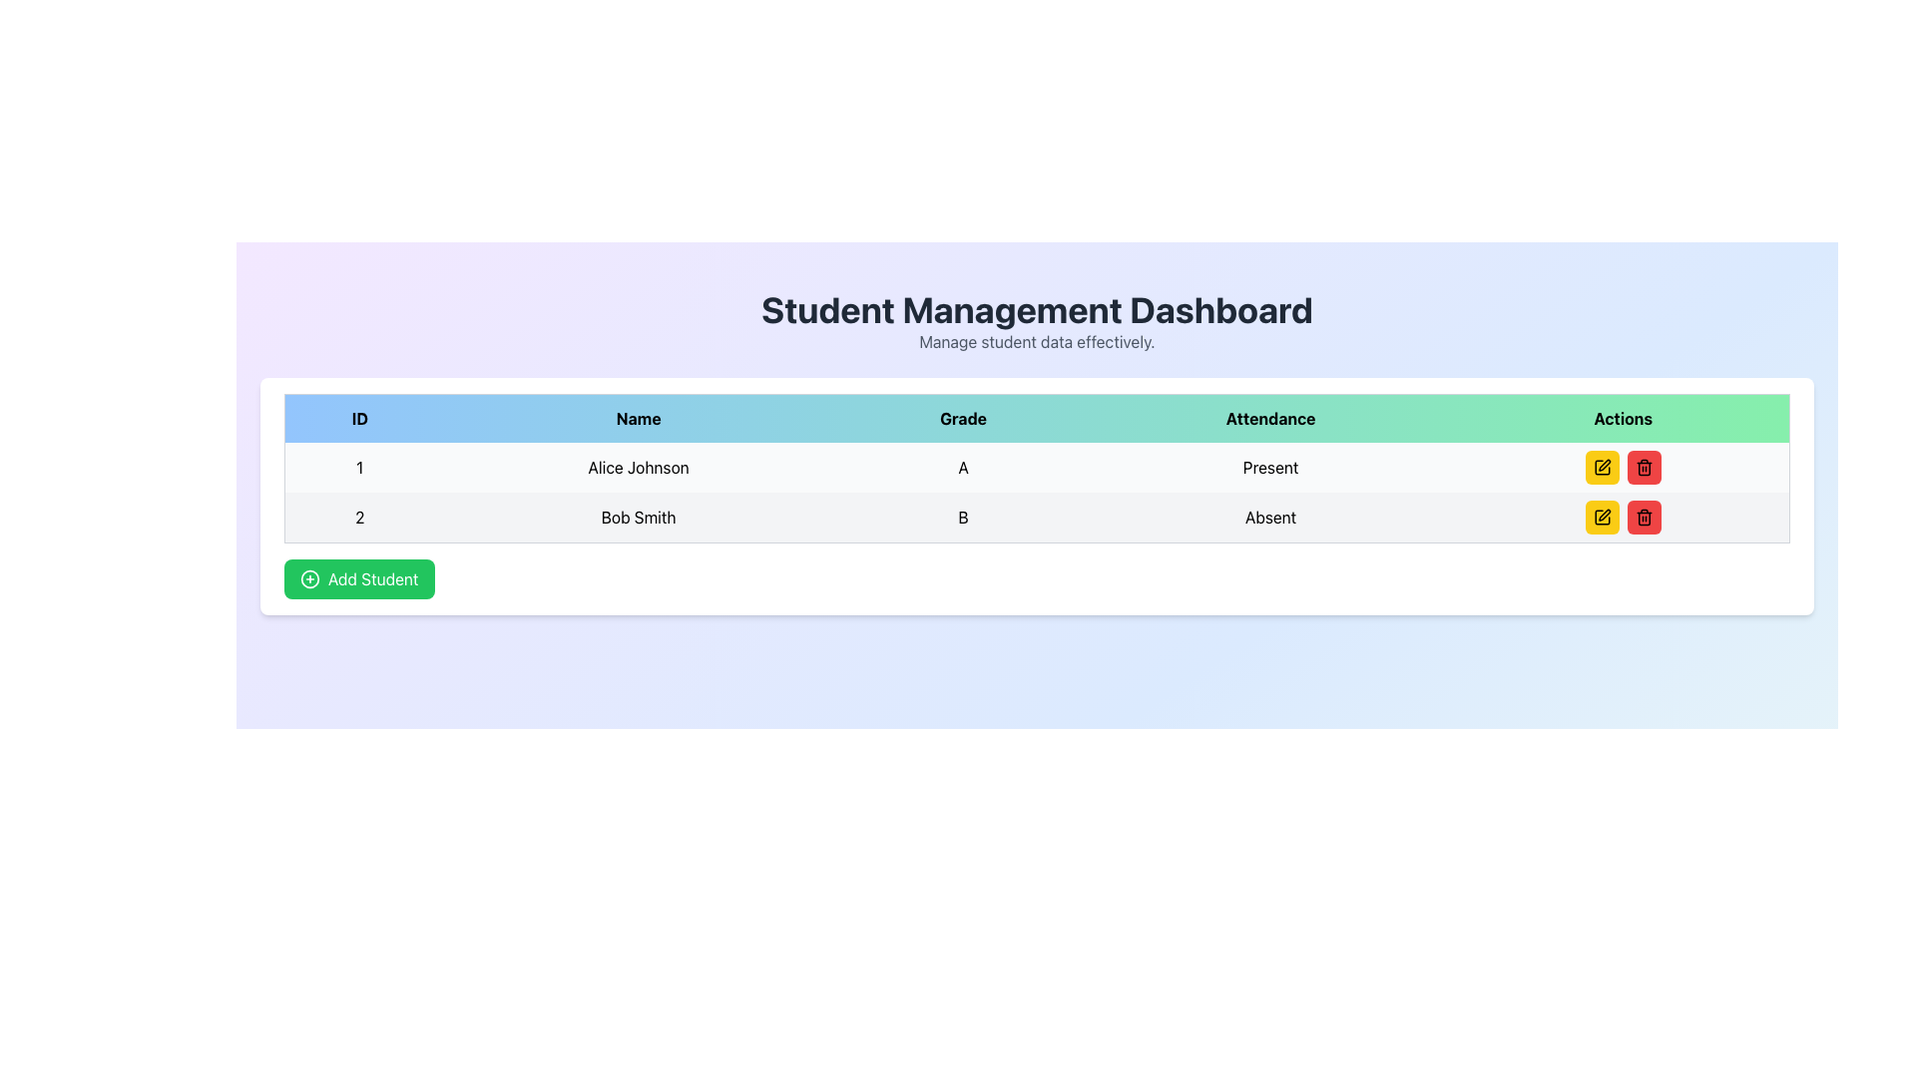 This screenshot has height=1077, width=1916. I want to click on the circular icon with a plus sign within the 'Add Student' button located at the bottom left of the interface, so click(309, 579).